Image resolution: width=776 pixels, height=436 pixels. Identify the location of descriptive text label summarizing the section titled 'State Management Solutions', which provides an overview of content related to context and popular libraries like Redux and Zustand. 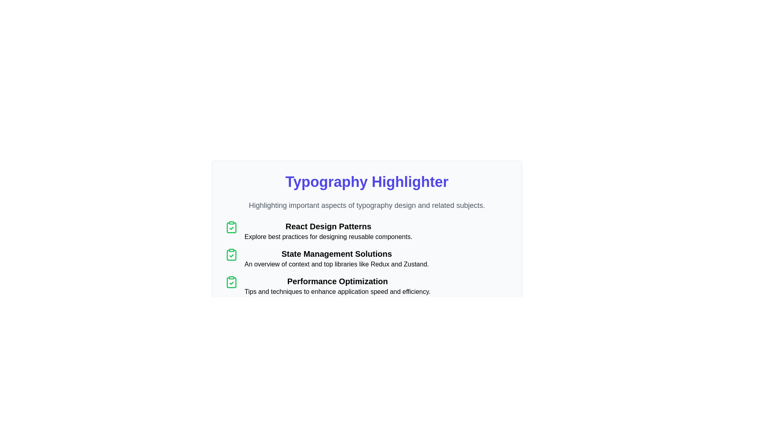
(337, 264).